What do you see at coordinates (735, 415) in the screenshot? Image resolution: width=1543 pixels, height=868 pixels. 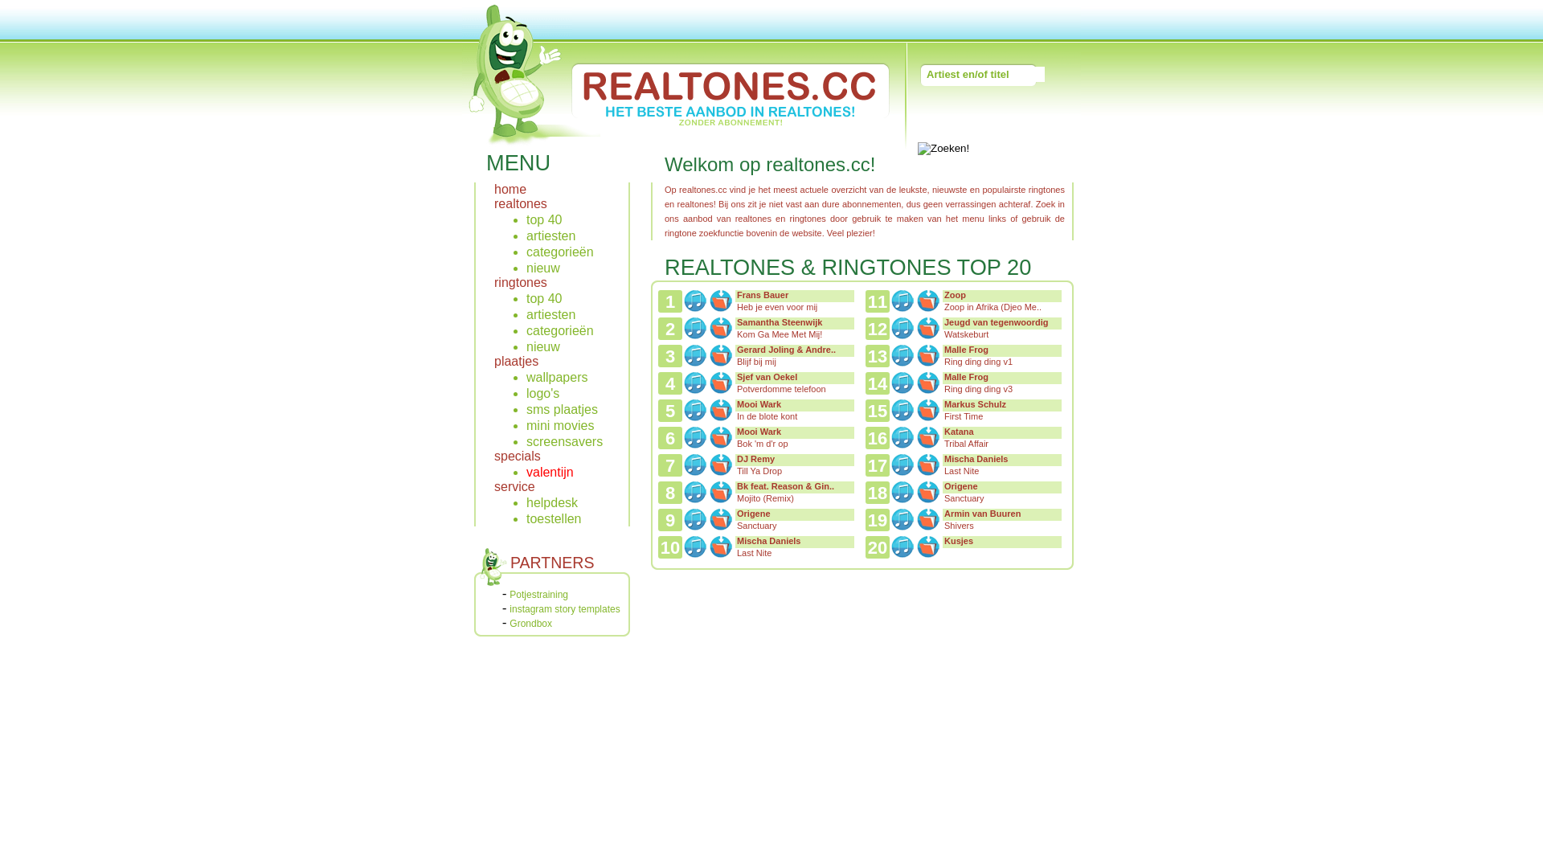 I see `'In de blote kont'` at bounding box center [735, 415].